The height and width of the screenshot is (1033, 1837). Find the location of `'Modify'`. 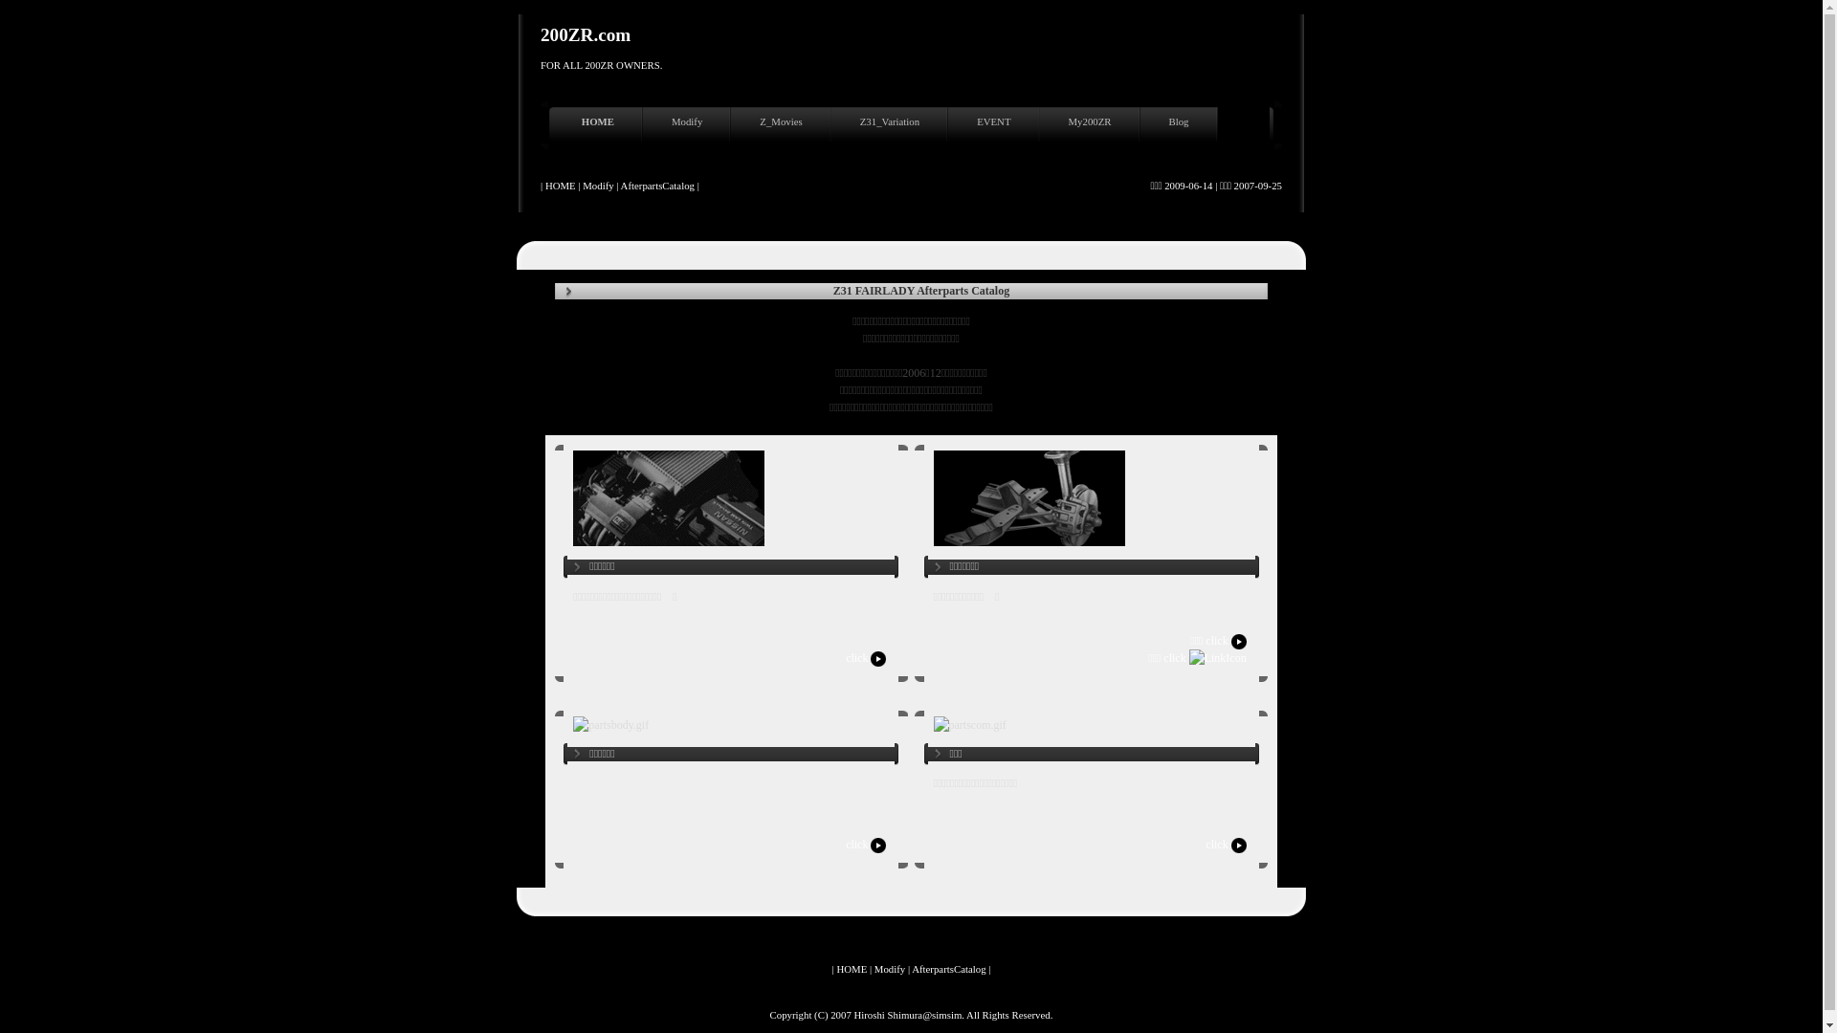

'Modify' is located at coordinates (889, 967).